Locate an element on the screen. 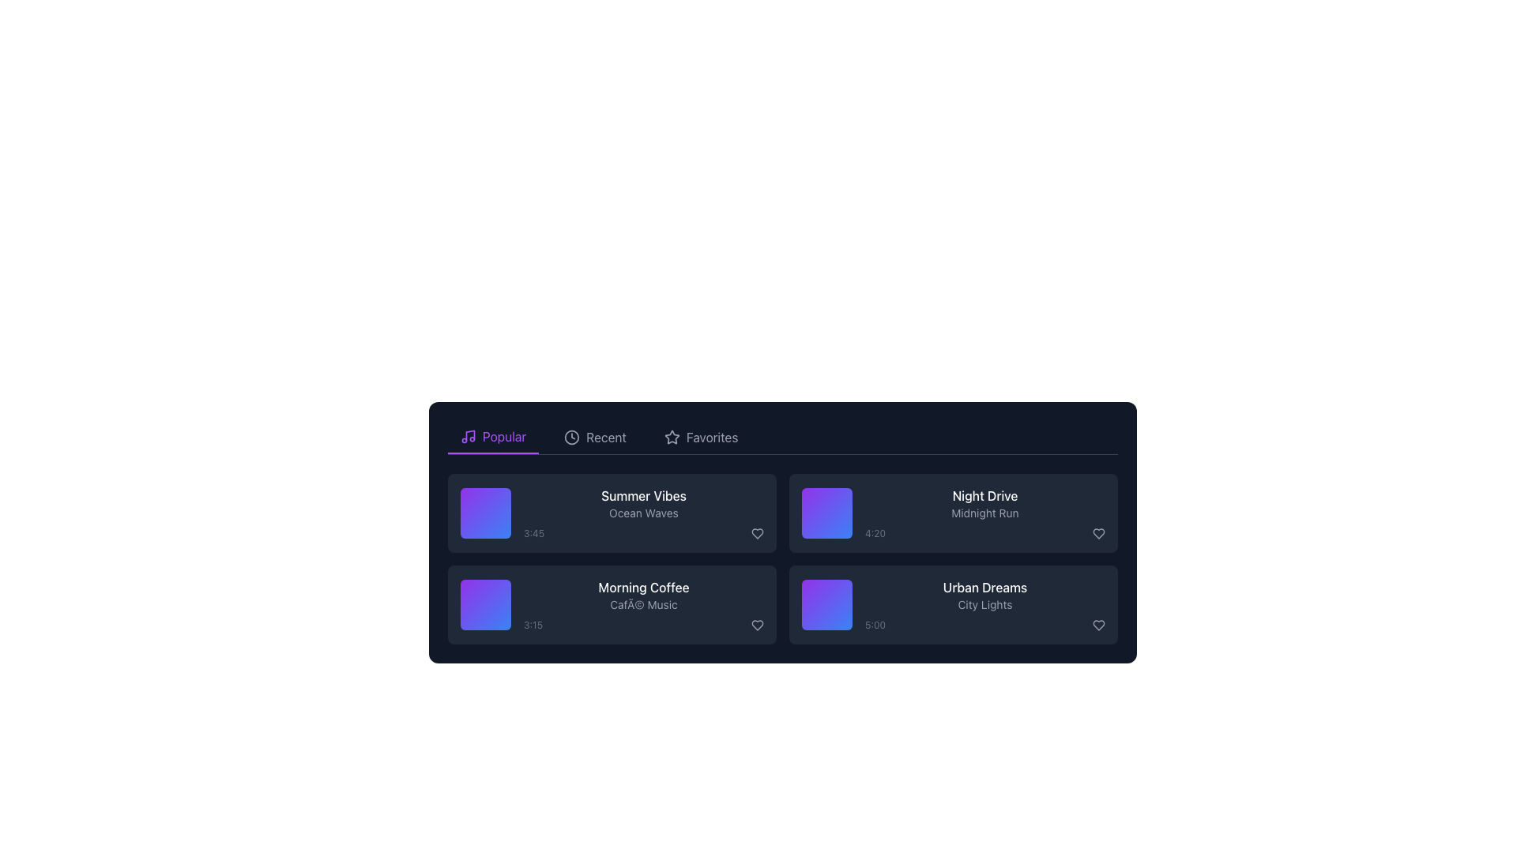 The height and width of the screenshot is (853, 1517). gray text displaying '5:00' located at the bottom-right side of the 'Urban Dreams - City Lights' music item tile is located at coordinates (984, 624).